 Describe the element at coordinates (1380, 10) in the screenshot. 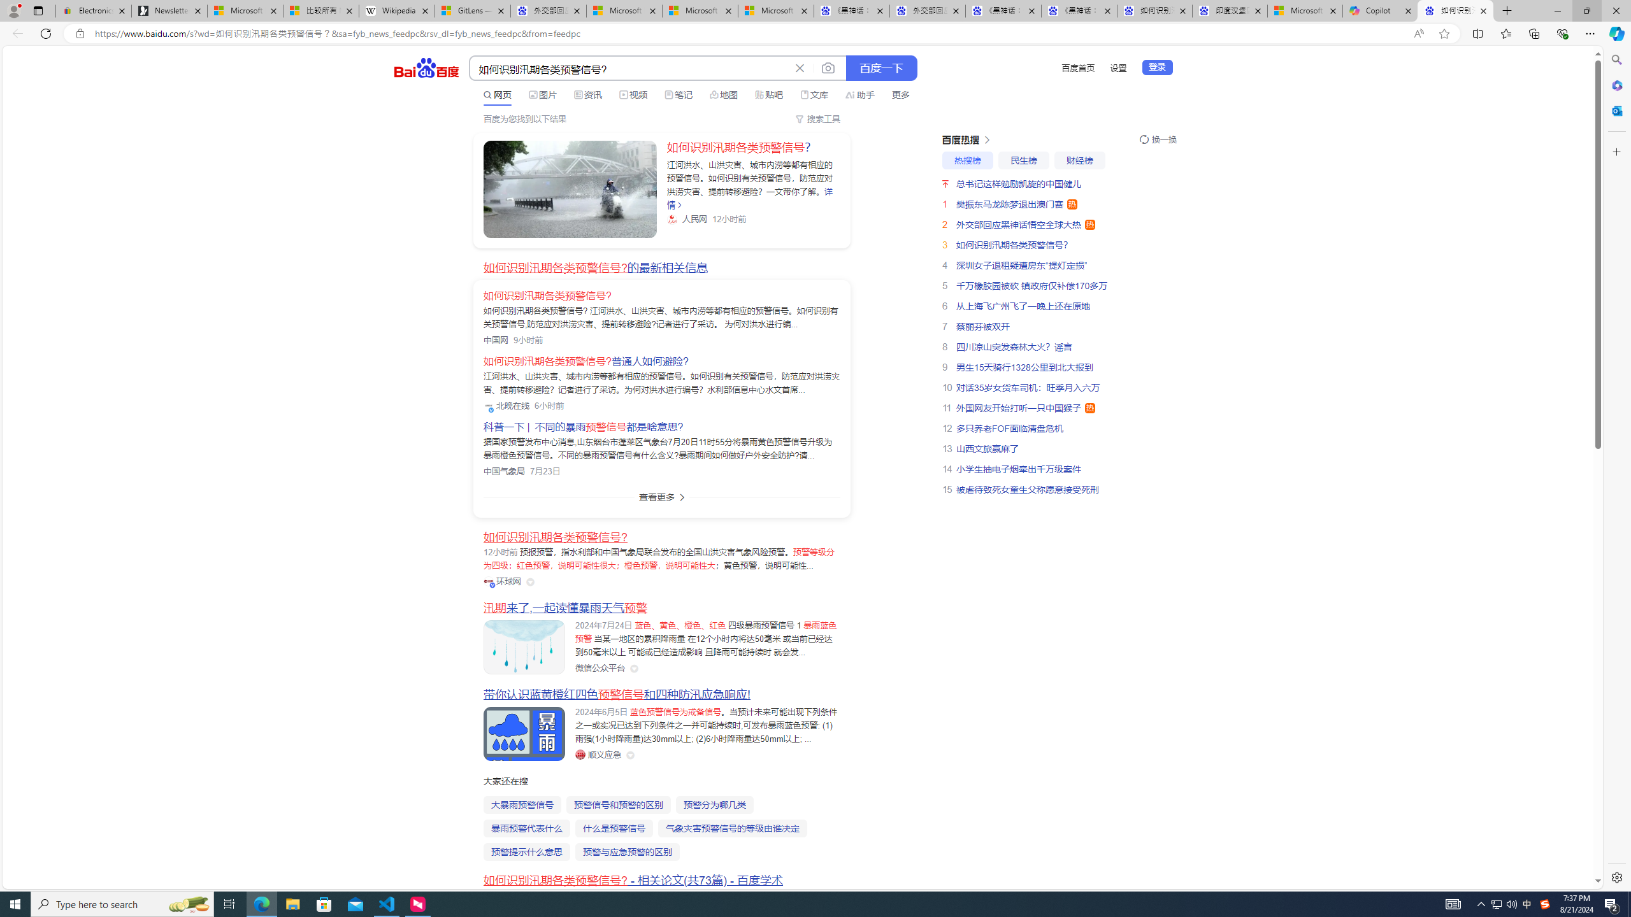

I see `'Copilot'` at that location.